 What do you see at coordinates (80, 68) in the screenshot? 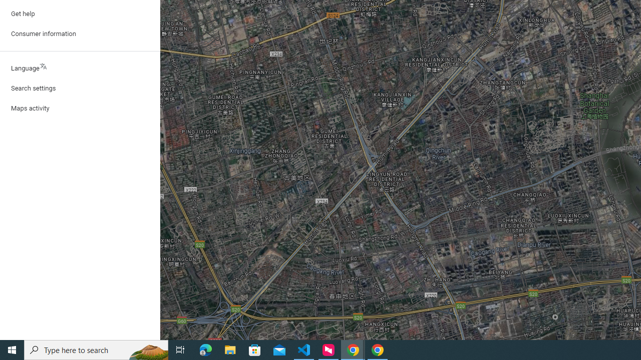
I see `'Language'` at bounding box center [80, 68].